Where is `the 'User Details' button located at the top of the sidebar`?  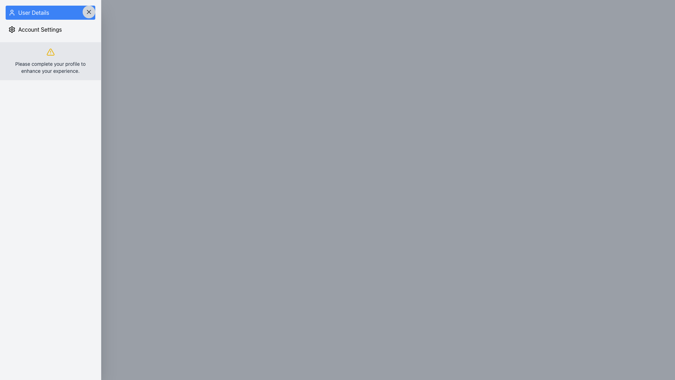 the 'User Details' button located at the top of the sidebar is located at coordinates (50, 12).